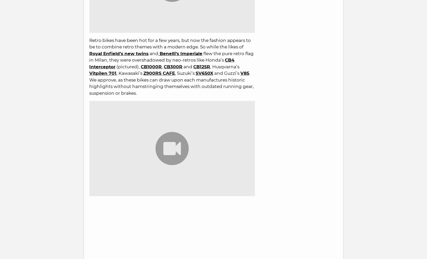 The image size is (427, 259). I want to click on 'Z900RS CAFE', so click(143, 73).